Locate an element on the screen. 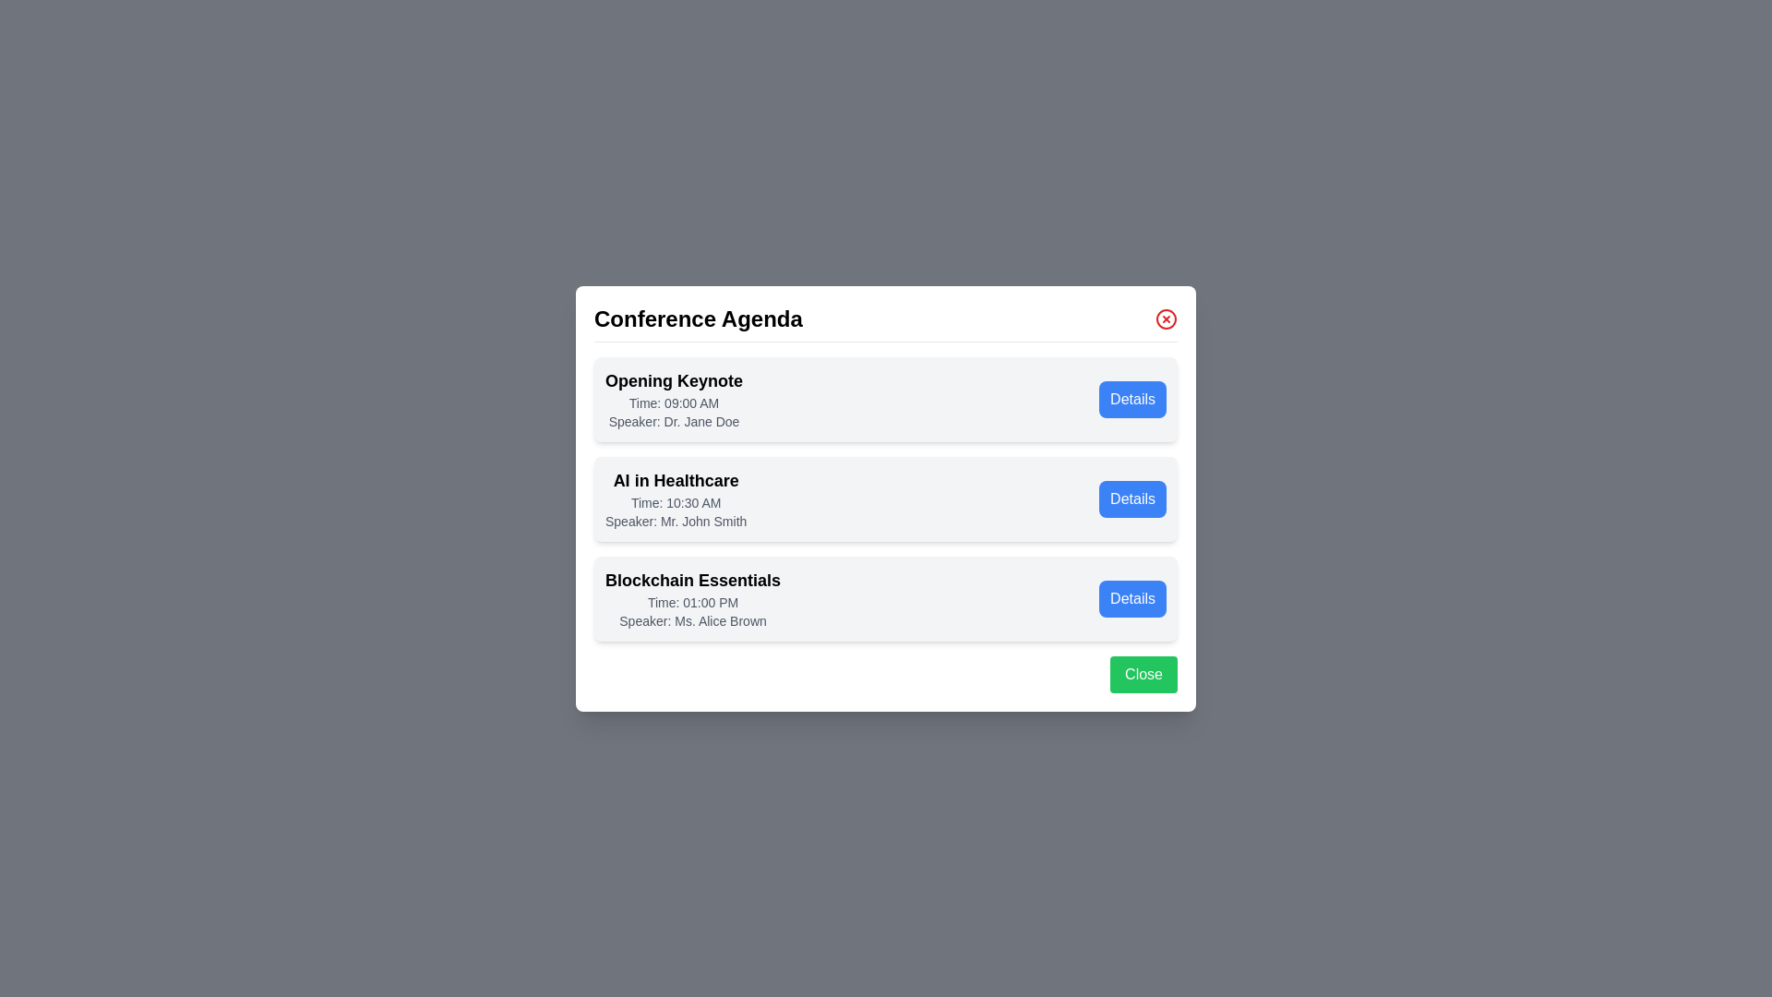  the agenda item AI in Healthcare to observe its hover effect is located at coordinates (886, 498).